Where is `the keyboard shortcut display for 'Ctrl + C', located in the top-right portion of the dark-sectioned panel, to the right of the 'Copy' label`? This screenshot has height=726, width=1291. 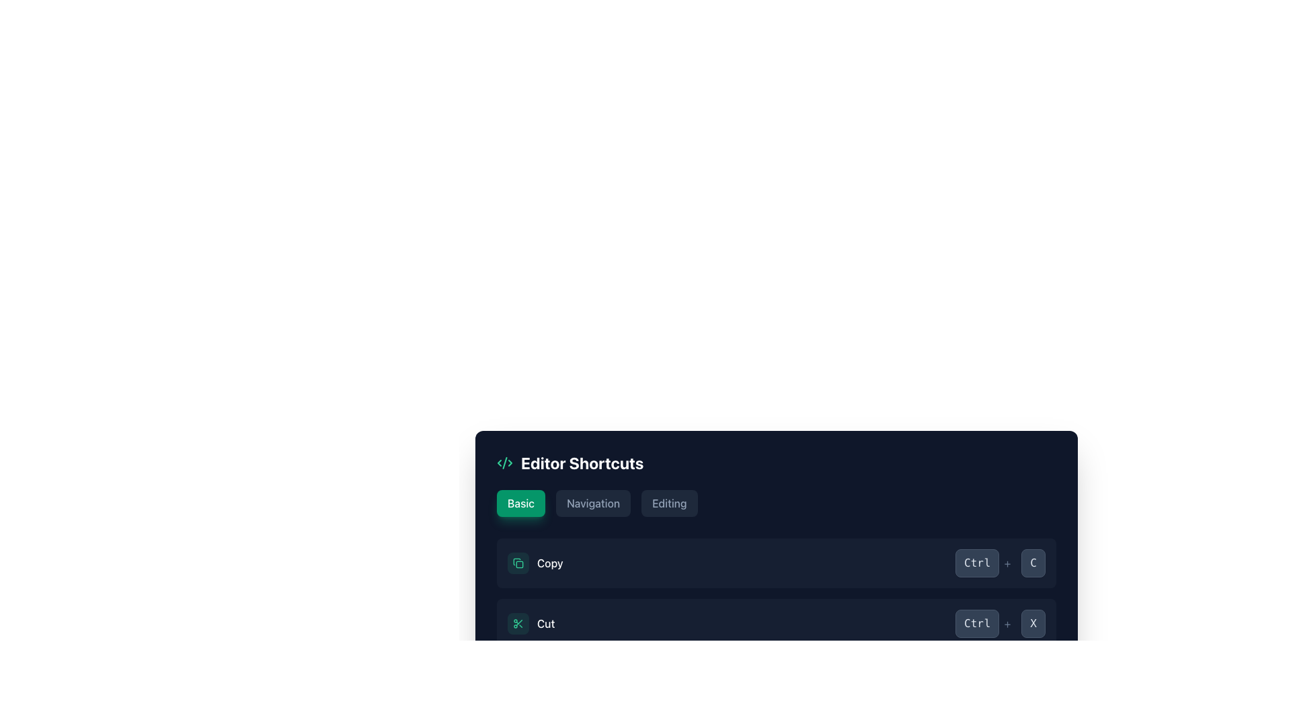
the keyboard shortcut display for 'Ctrl + C', located in the top-right portion of the dark-sectioned panel, to the right of the 'Copy' label is located at coordinates (1001, 563).